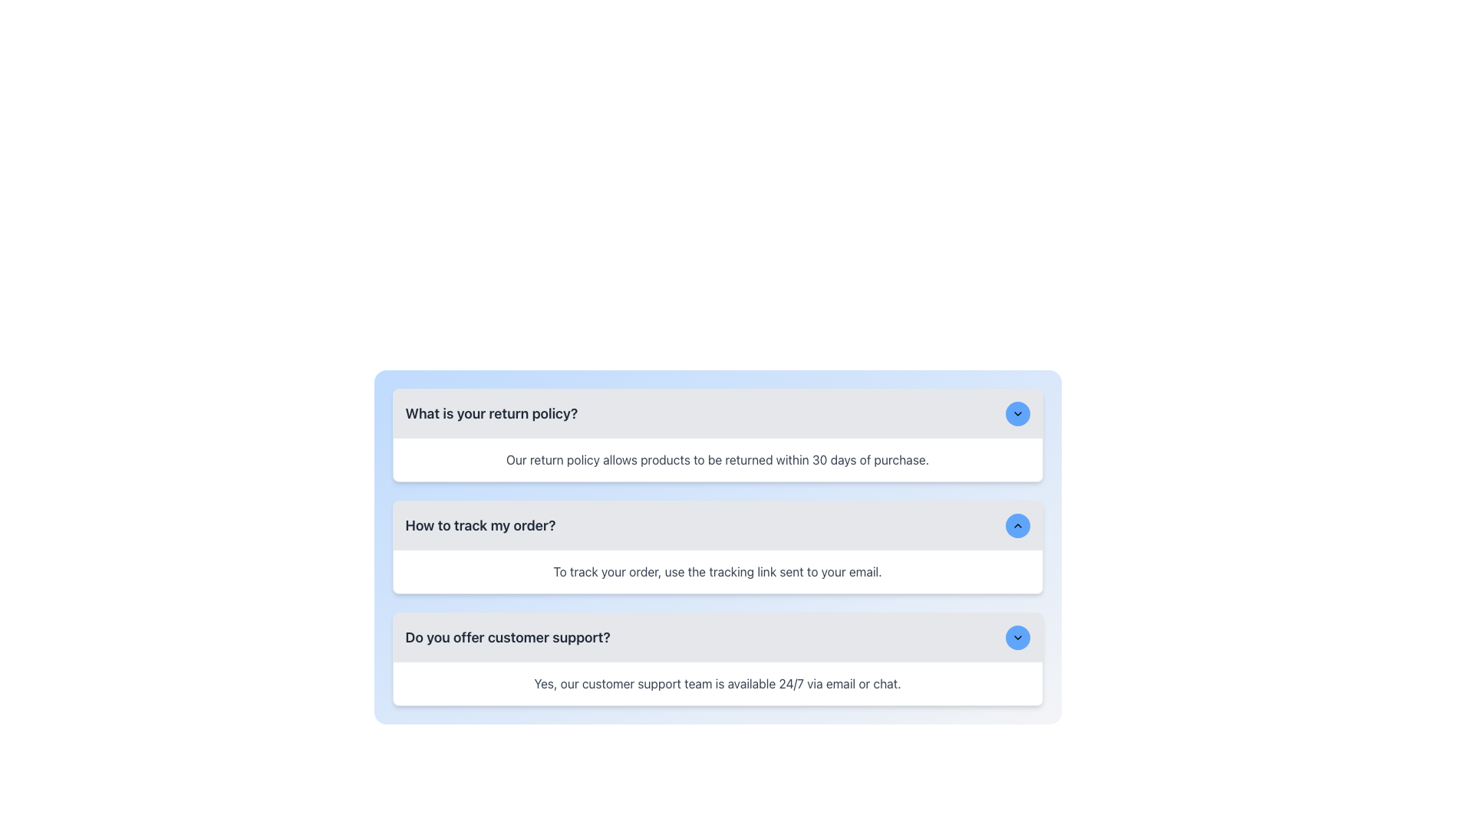 This screenshot has width=1473, height=828. What do you see at coordinates (717, 414) in the screenshot?
I see `the light gray bar with rounded edges labeled 'What is your return policy?'` at bounding box center [717, 414].